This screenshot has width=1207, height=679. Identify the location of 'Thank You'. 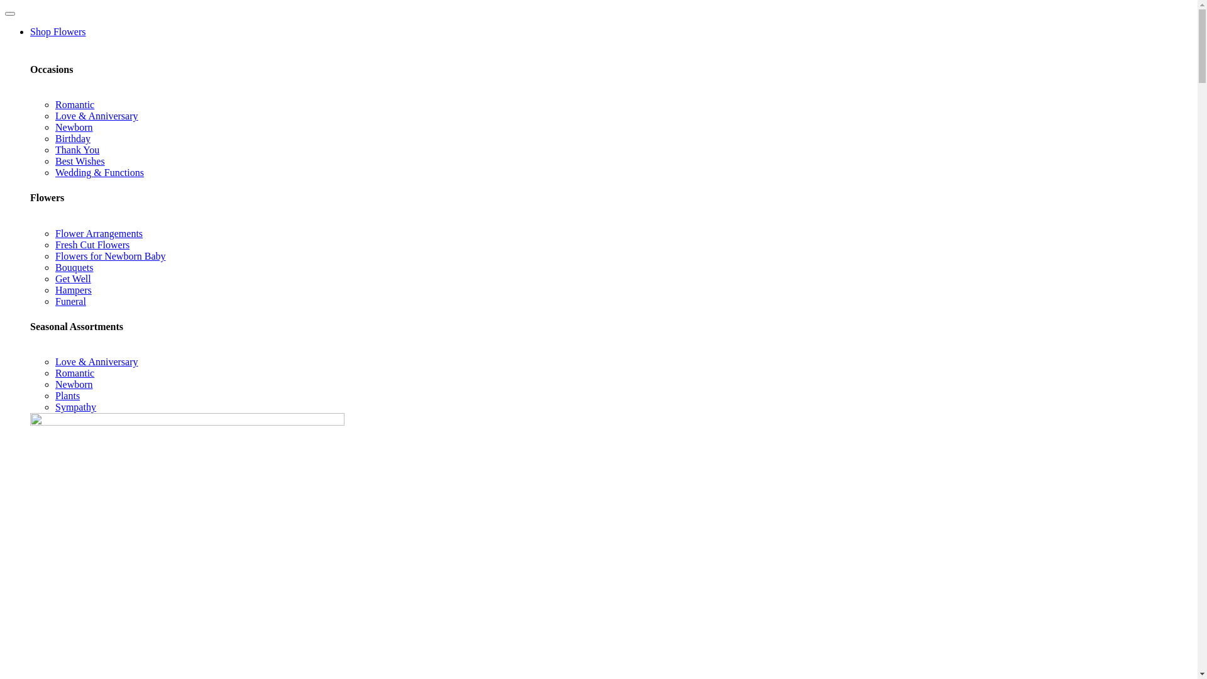
(77, 149).